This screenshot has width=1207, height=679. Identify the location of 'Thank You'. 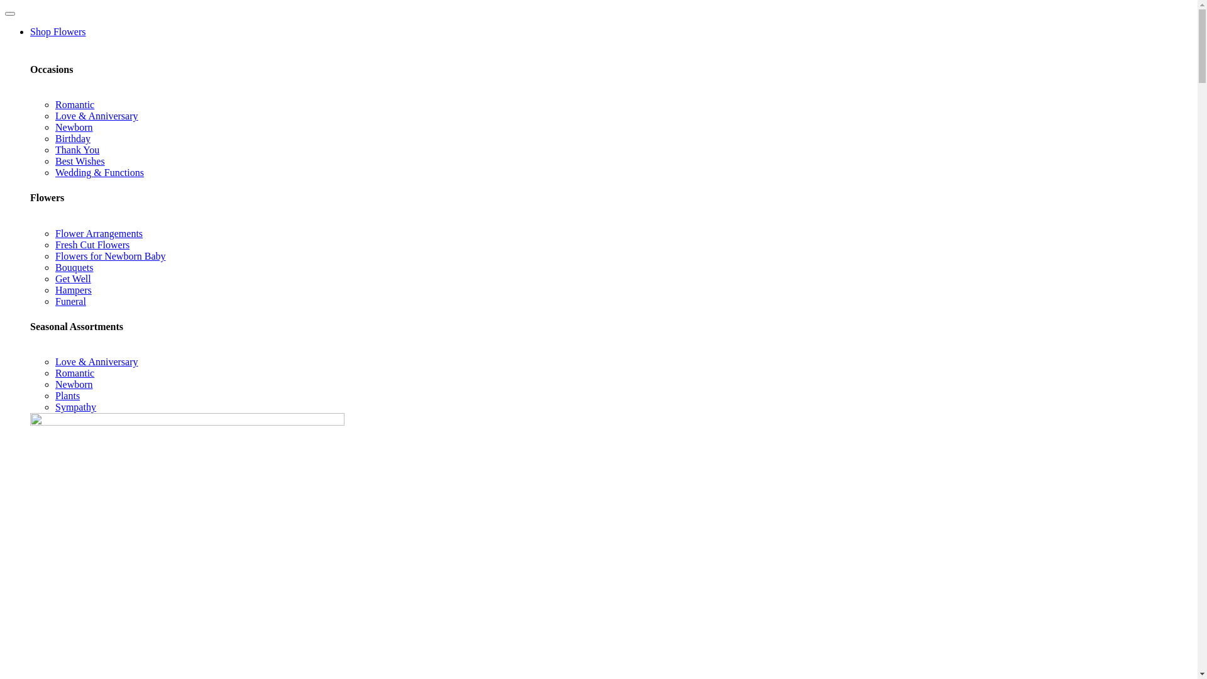
(77, 149).